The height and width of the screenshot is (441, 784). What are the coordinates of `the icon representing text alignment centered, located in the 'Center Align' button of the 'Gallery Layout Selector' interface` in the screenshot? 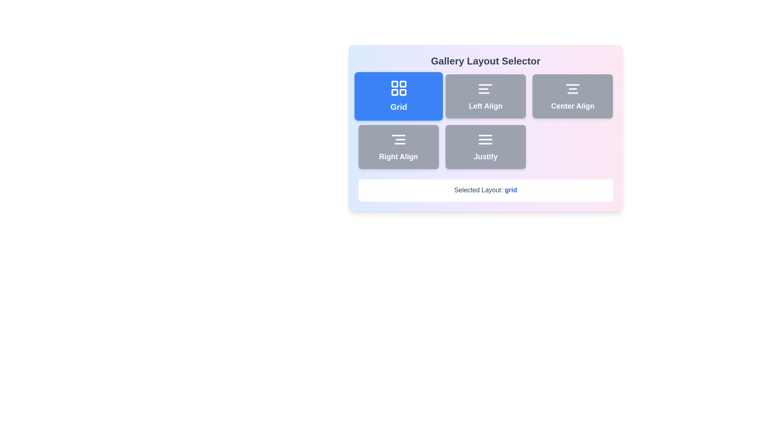 It's located at (572, 89).